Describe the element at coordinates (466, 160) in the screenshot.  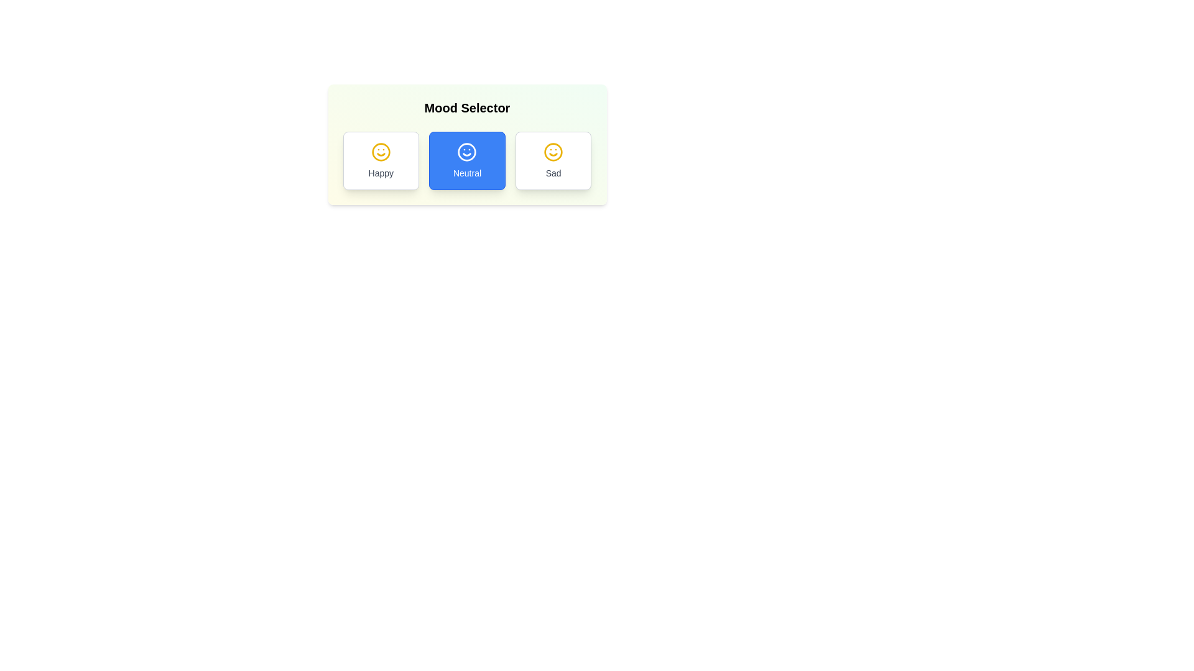
I see `the mood Neutral by clicking the corresponding button` at that location.